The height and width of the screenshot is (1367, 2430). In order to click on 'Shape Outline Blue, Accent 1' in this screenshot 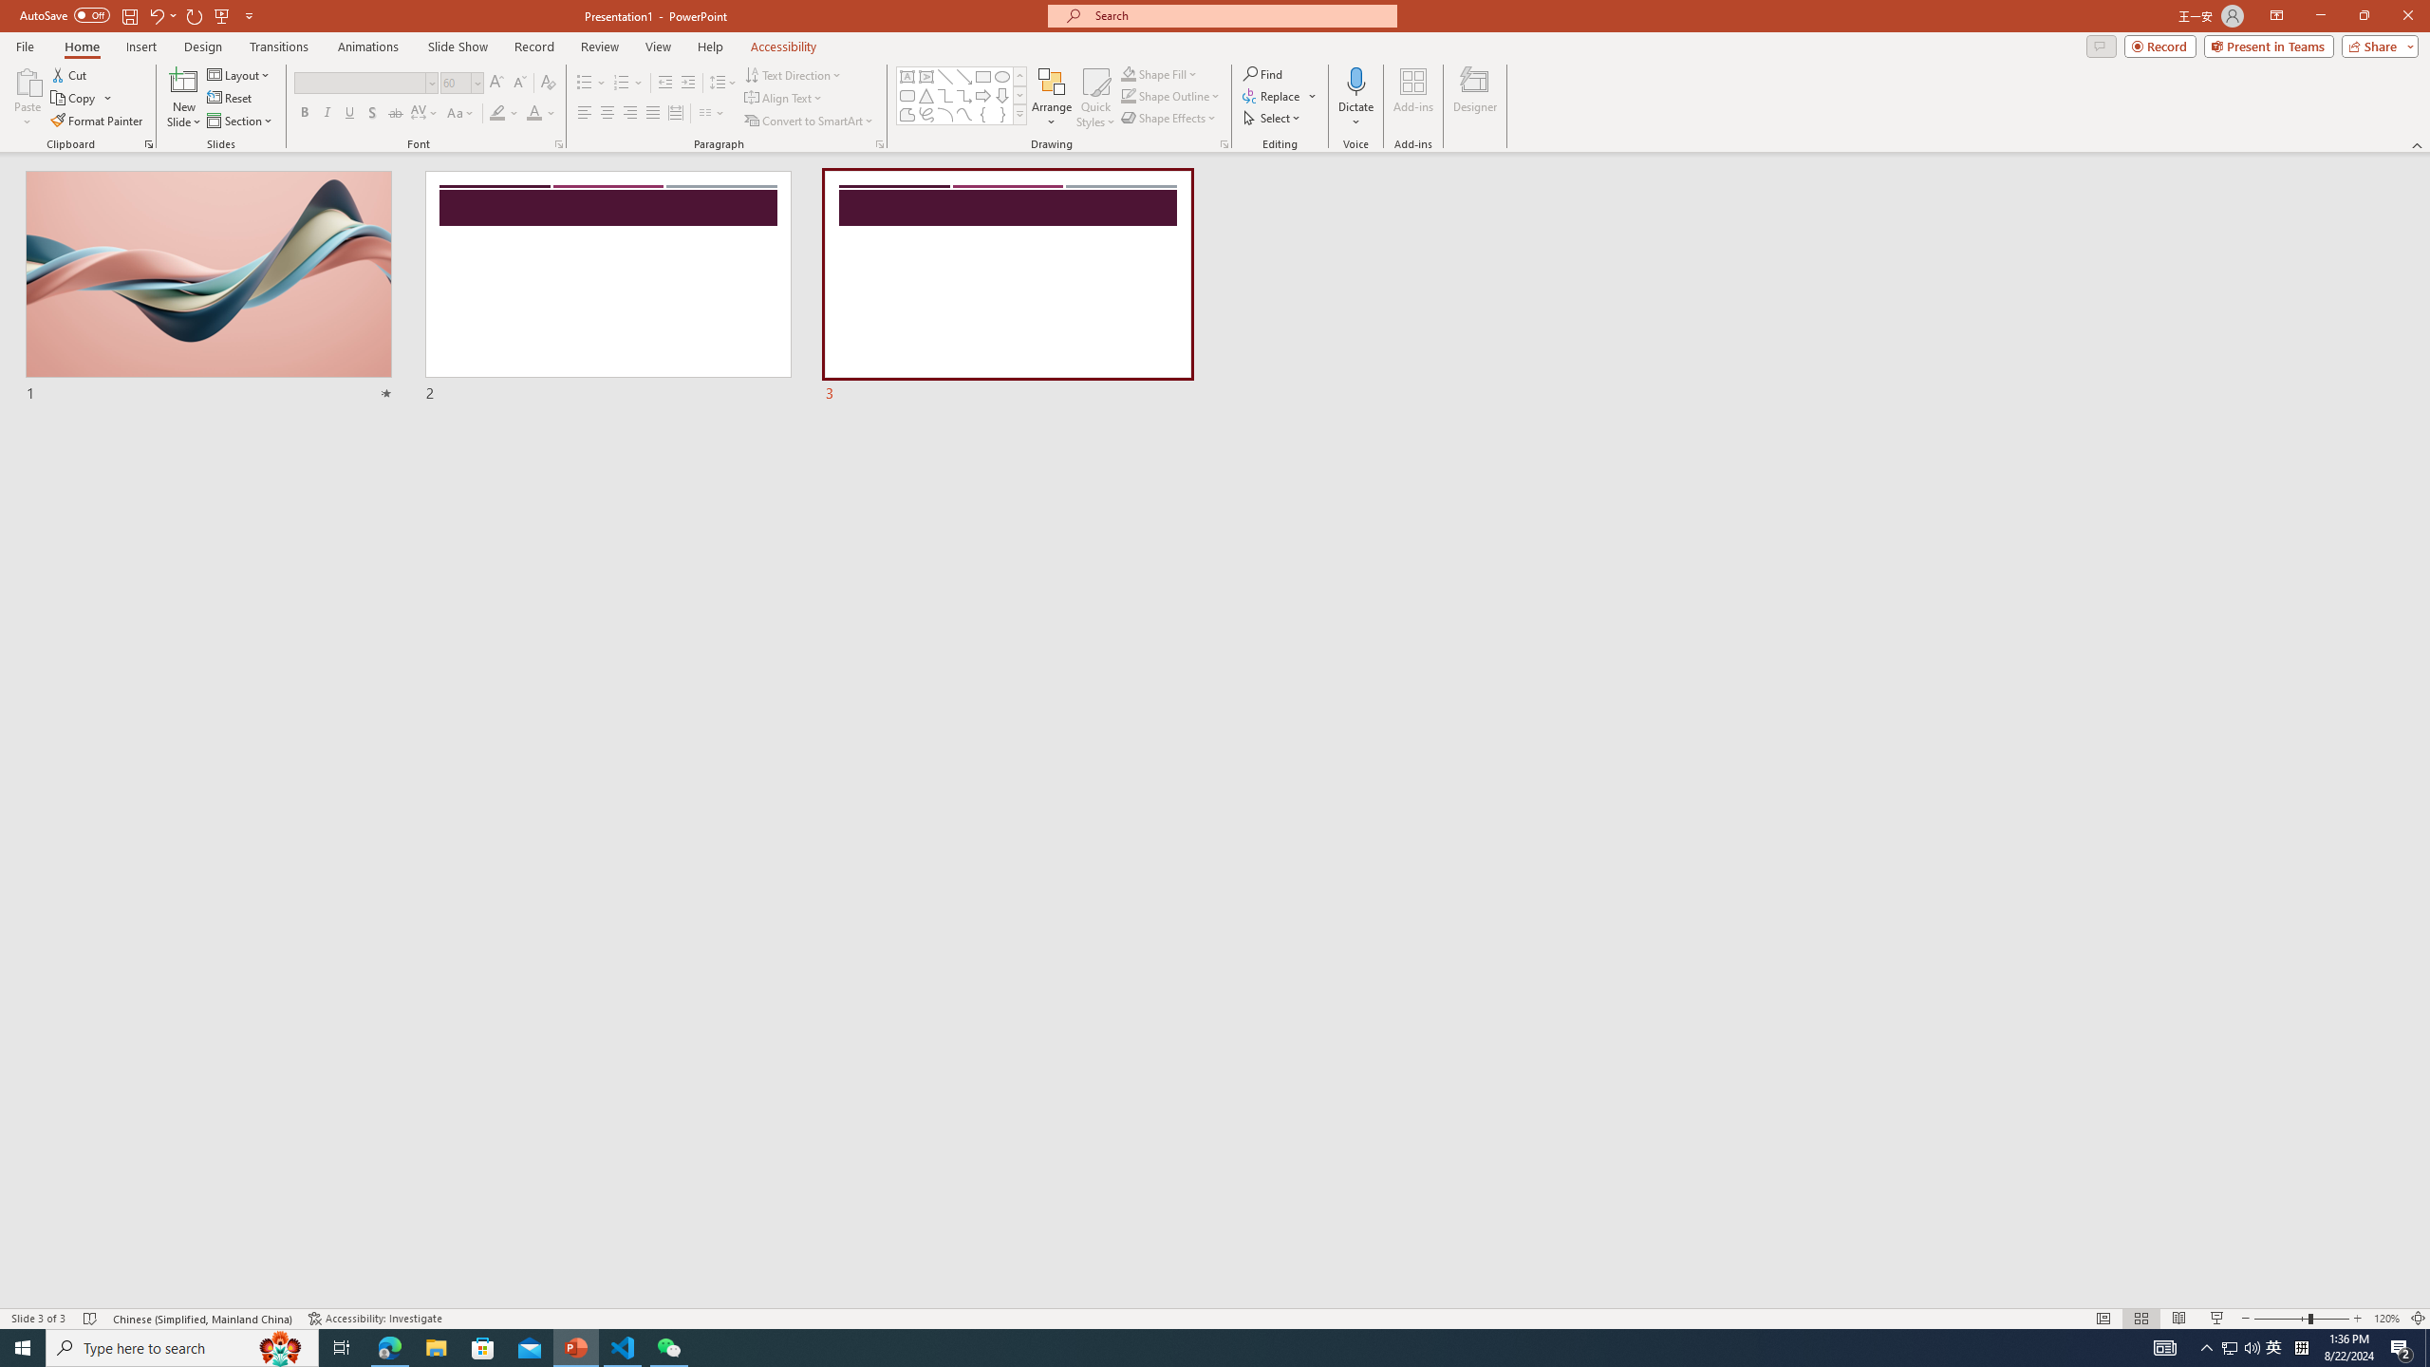, I will do `click(1129, 94)`.